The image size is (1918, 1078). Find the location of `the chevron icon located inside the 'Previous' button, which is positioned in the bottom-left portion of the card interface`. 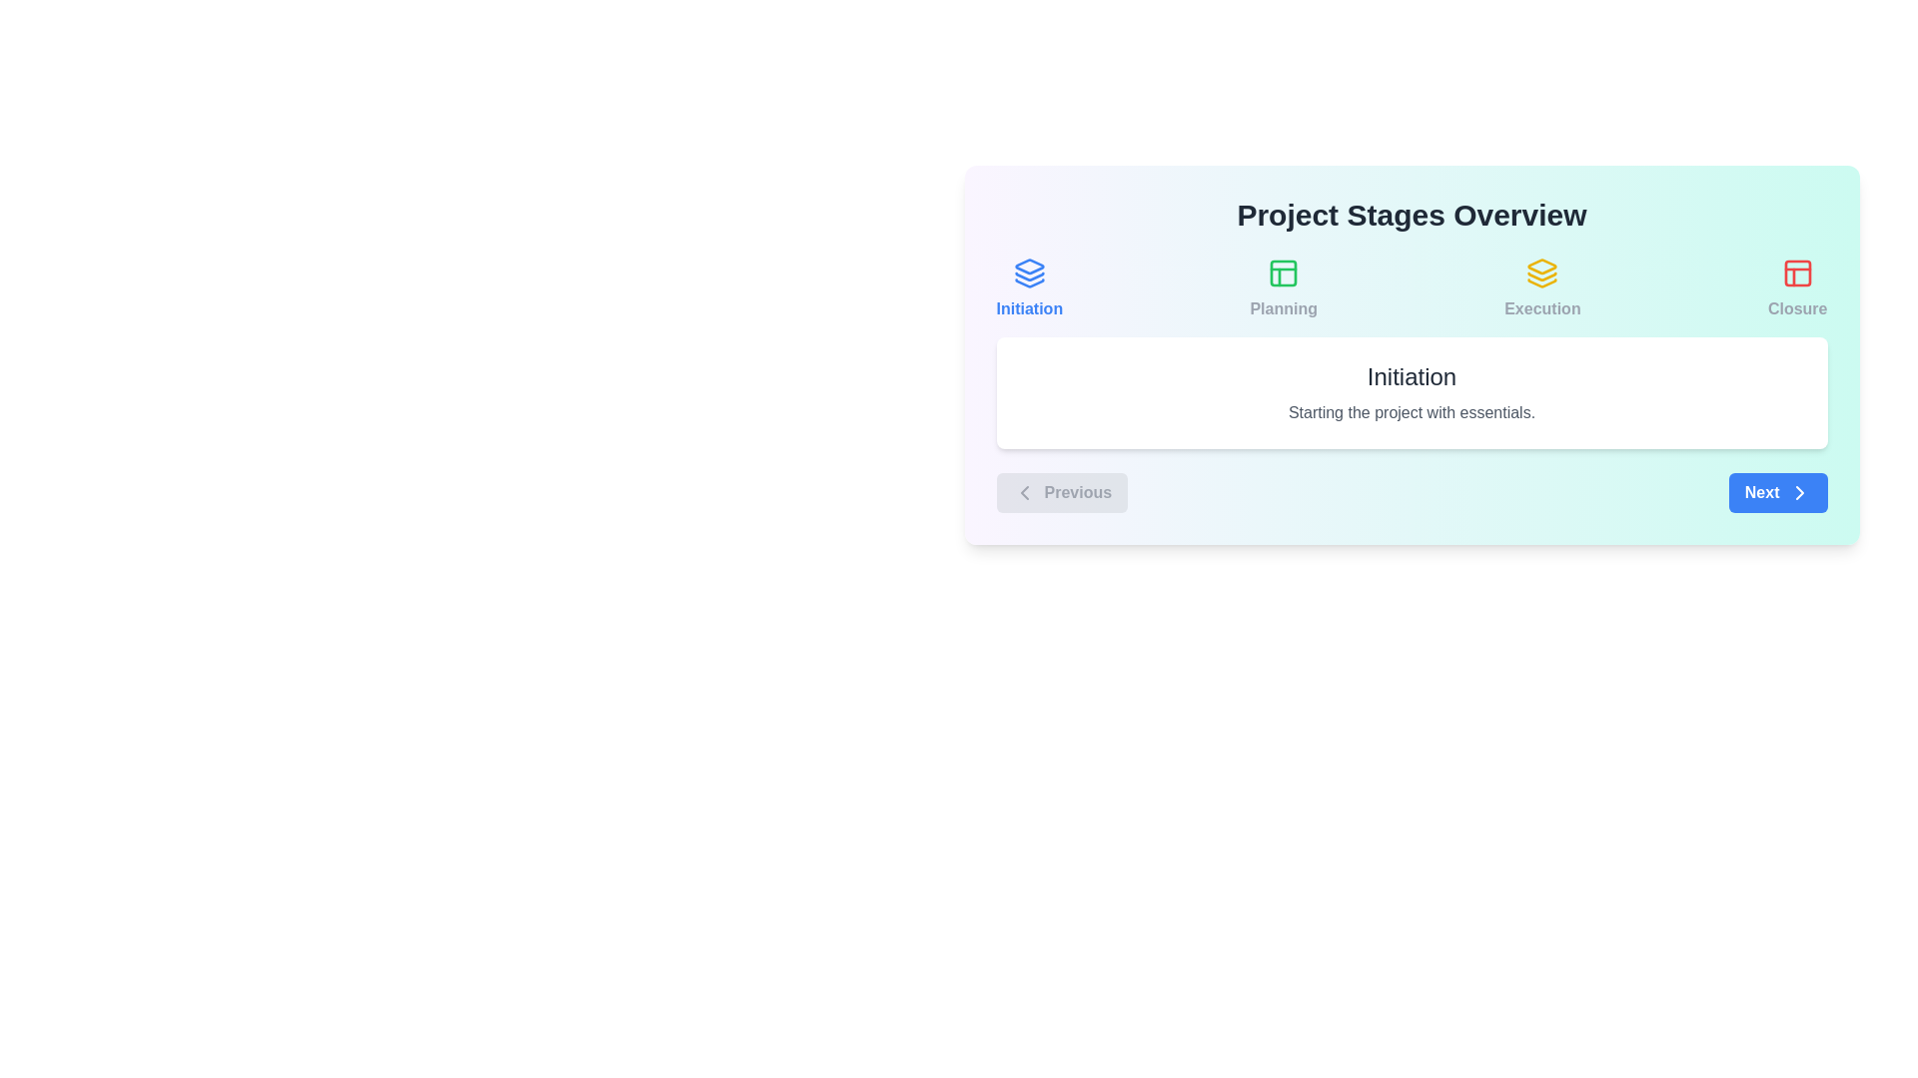

the chevron icon located inside the 'Previous' button, which is positioned in the bottom-left portion of the card interface is located at coordinates (1024, 492).